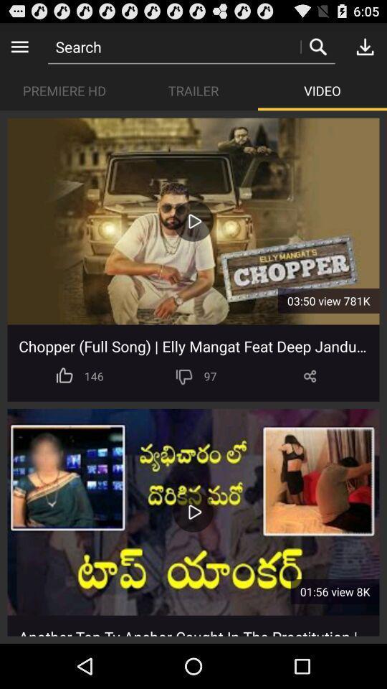  What do you see at coordinates (184, 375) in the screenshot?
I see `item to the left of the 97 item` at bounding box center [184, 375].